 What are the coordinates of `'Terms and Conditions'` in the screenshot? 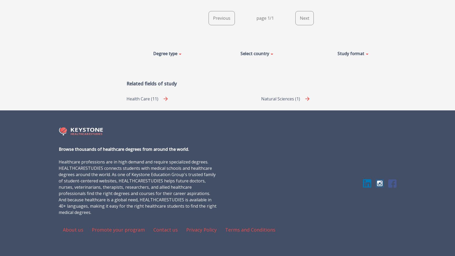 It's located at (250, 229).